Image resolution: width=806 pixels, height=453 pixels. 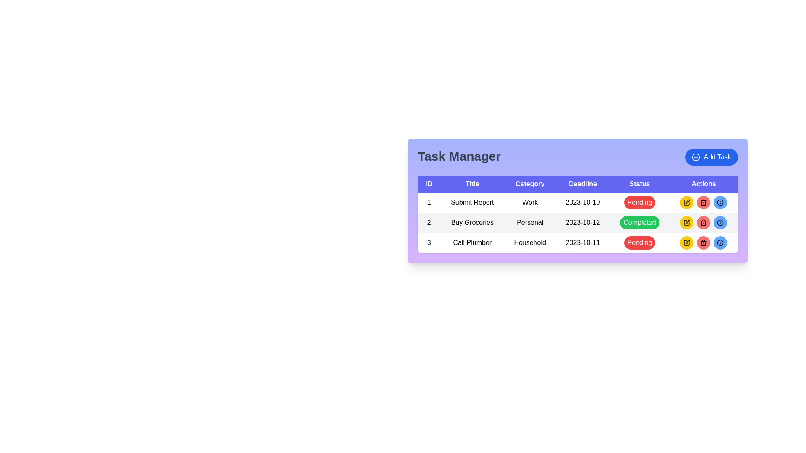 What do you see at coordinates (704, 242) in the screenshot?
I see `the delete button` at bounding box center [704, 242].